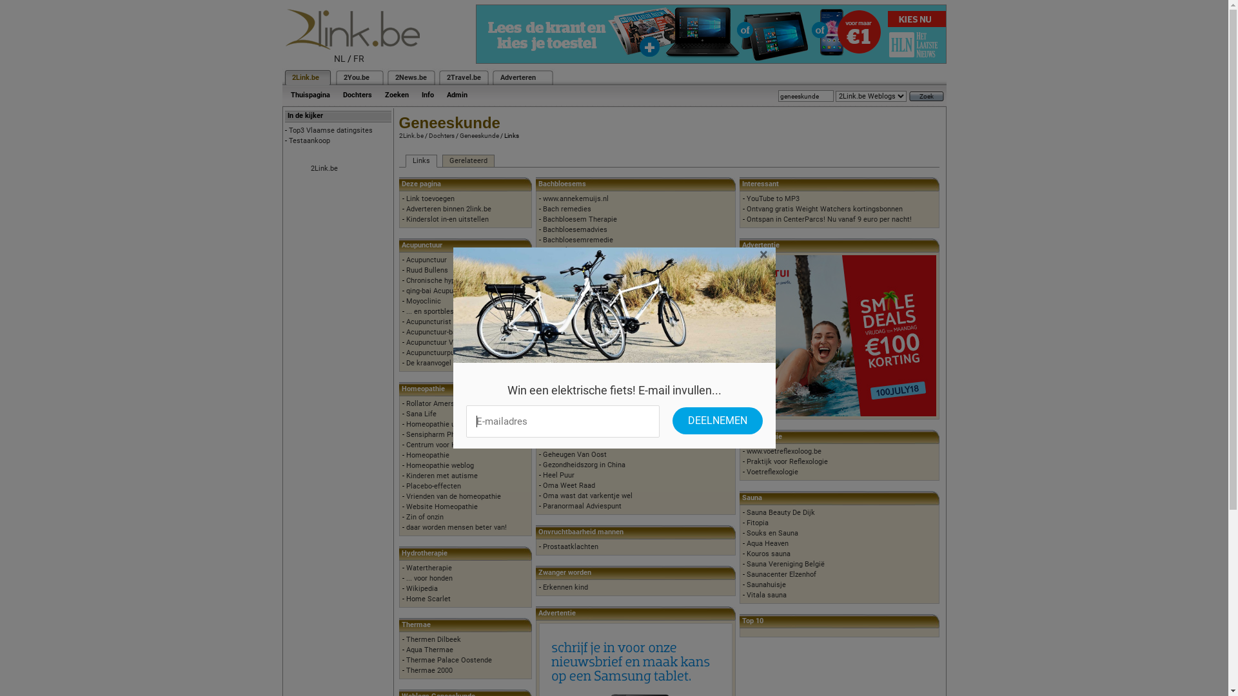 This screenshot has width=1238, height=696. What do you see at coordinates (429, 650) in the screenshot?
I see `'Aqua Thermae'` at bounding box center [429, 650].